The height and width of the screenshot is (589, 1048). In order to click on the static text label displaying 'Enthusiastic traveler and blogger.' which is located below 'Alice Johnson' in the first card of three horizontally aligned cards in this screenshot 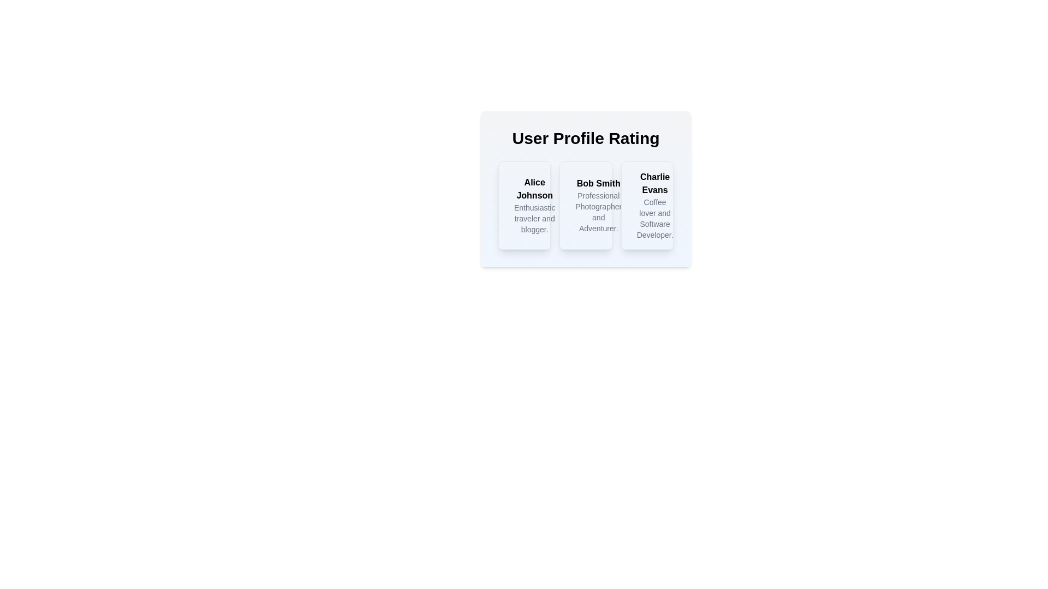, I will do `click(534, 219)`.